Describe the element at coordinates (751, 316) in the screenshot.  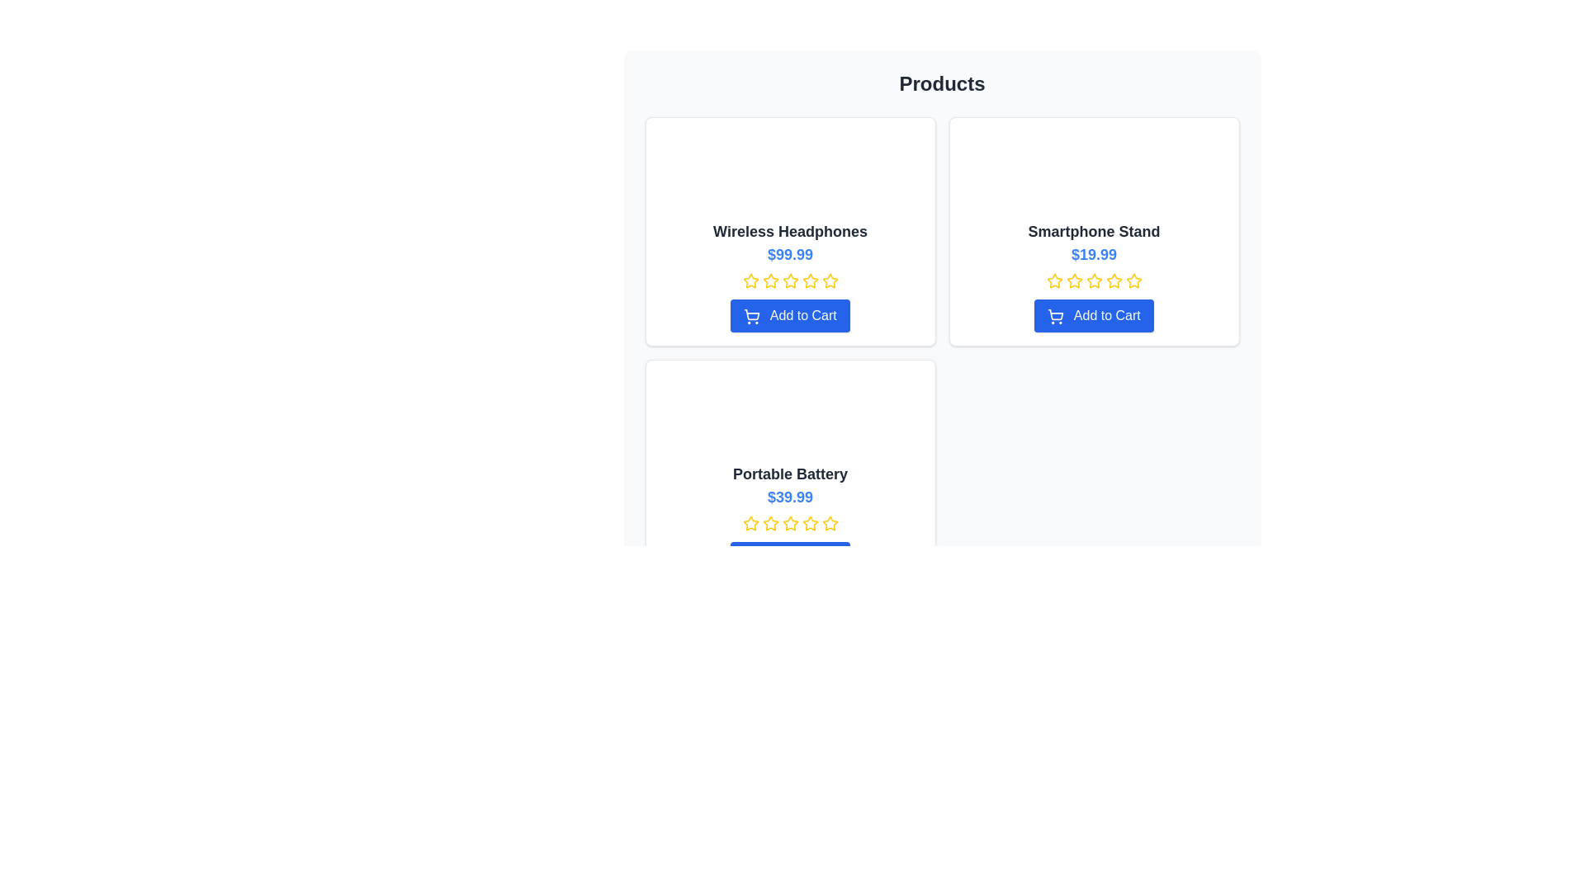
I see `the icon associated with adding a product to the shopping cart, located to the left of the 'Add to Cart' text within a blue button below the 'Wireless Headphones' section` at that location.